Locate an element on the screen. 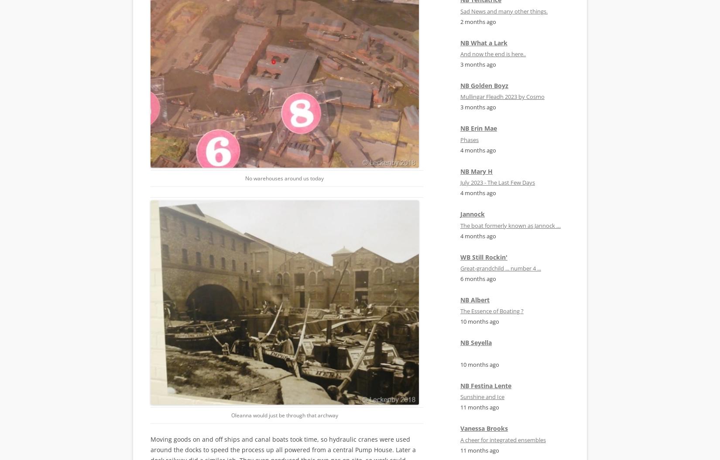 The image size is (720, 460). 'Oleanna would just be through that archway' is located at coordinates (284, 415).